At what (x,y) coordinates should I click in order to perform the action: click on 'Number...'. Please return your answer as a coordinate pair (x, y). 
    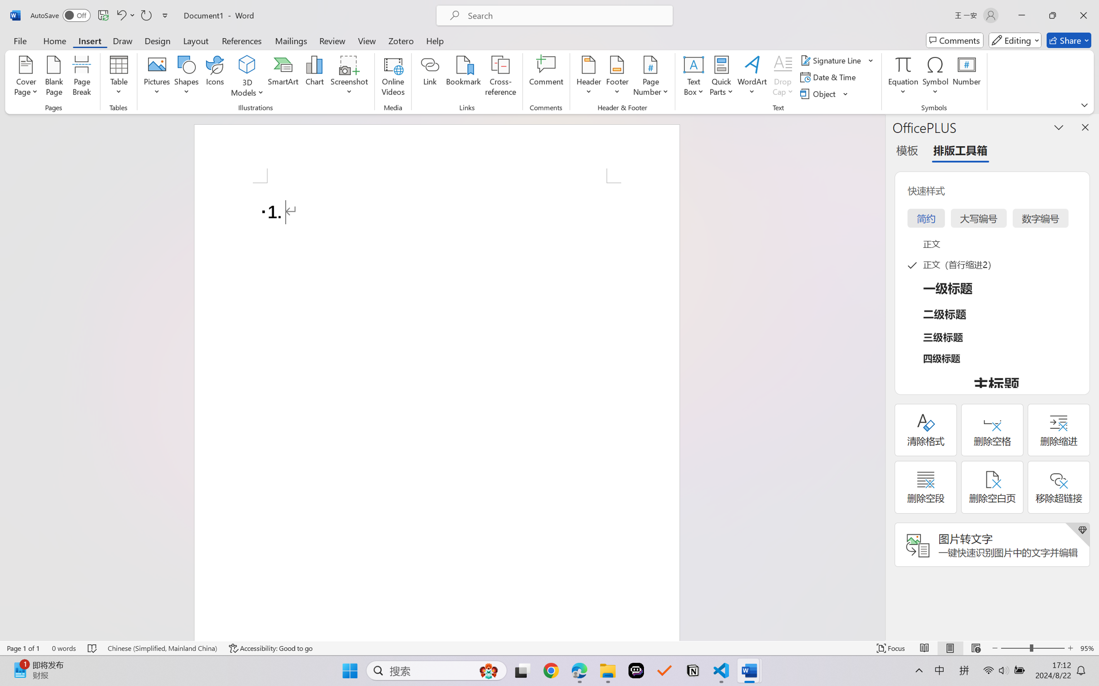
    Looking at the image, I should click on (967, 77).